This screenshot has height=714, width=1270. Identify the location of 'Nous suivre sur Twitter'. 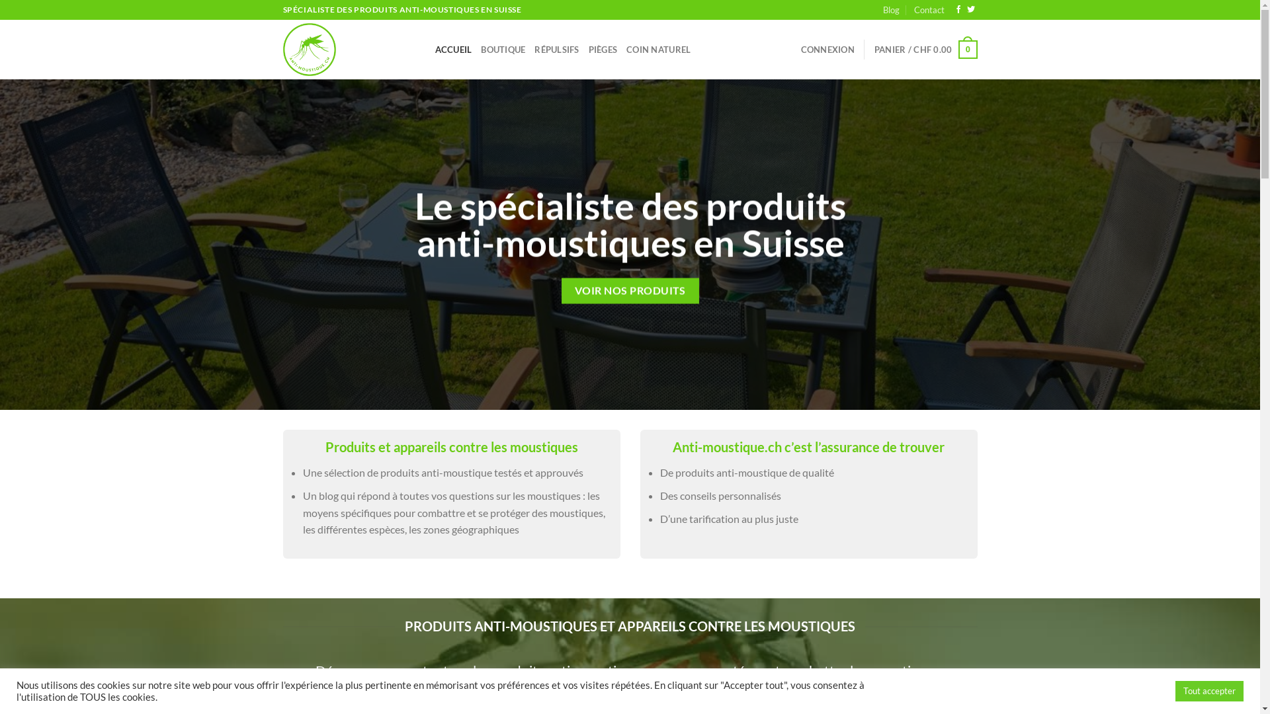
(971, 10).